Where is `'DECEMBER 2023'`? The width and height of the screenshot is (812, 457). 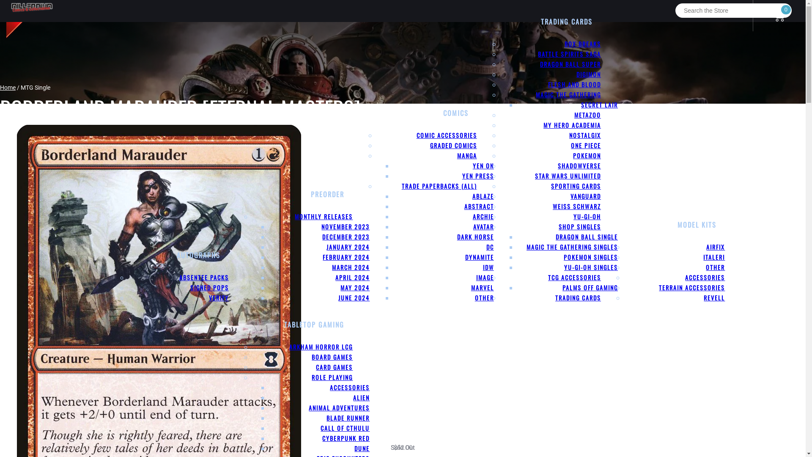 'DECEMBER 2023' is located at coordinates (322, 237).